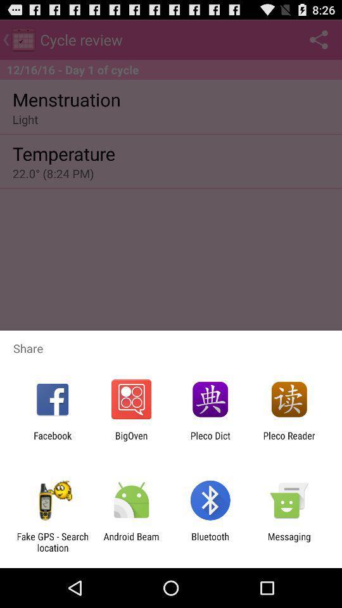 Image resolution: width=342 pixels, height=608 pixels. I want to click on item to the left of the android beam, so click(52, 541).